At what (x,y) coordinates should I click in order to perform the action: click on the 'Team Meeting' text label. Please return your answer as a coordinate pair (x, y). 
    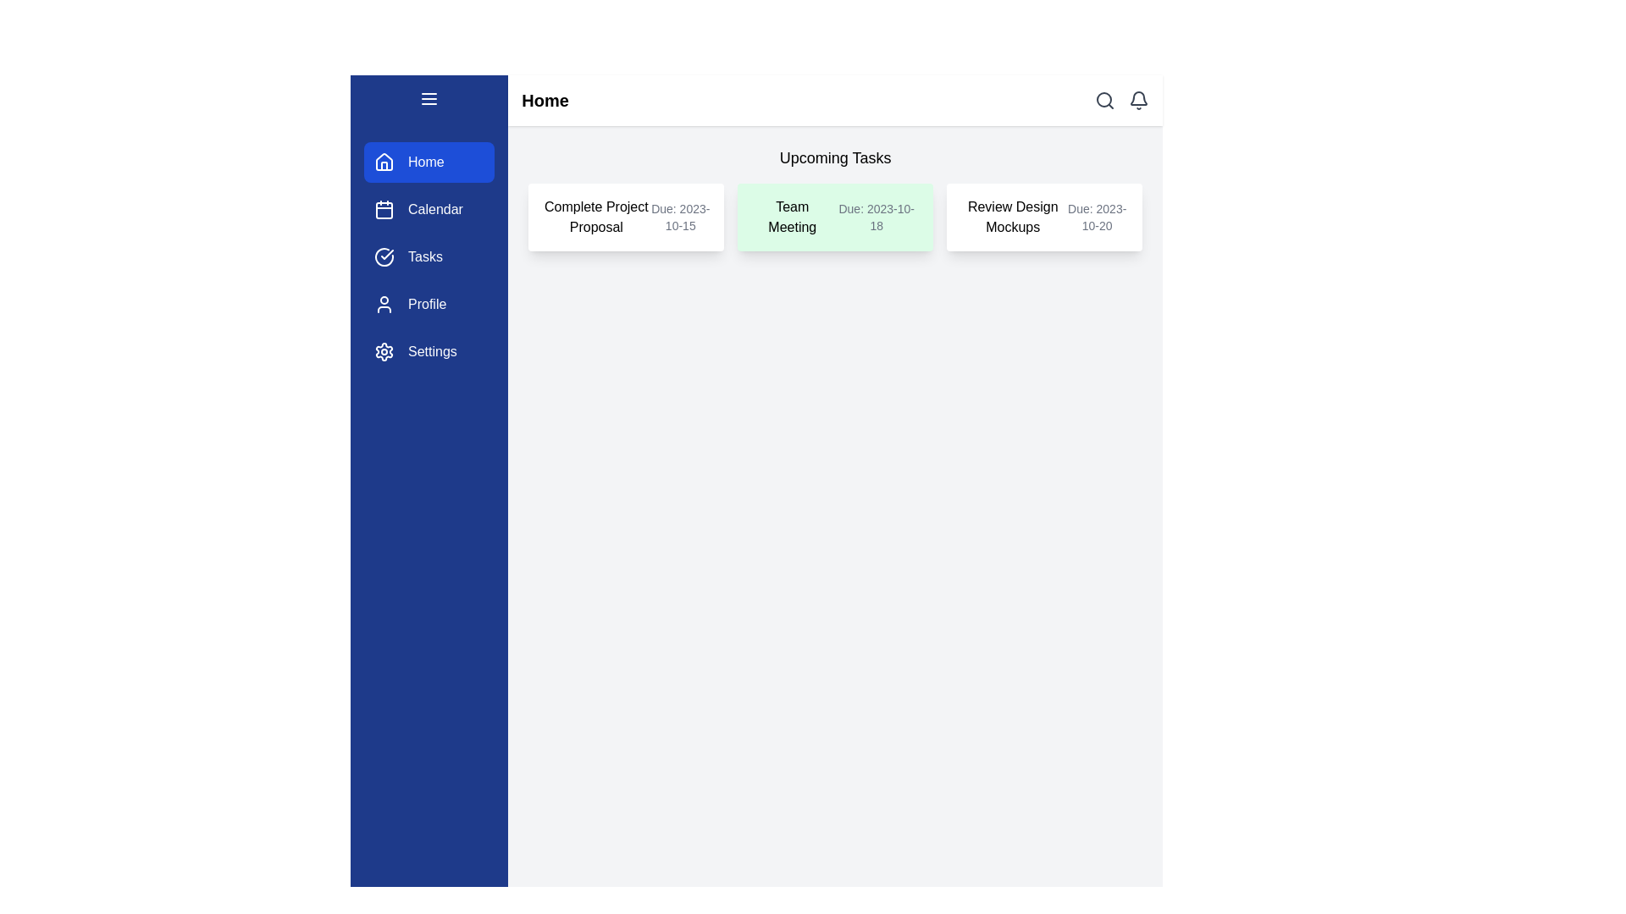
    Looking at the image, I should click on (791, 217).